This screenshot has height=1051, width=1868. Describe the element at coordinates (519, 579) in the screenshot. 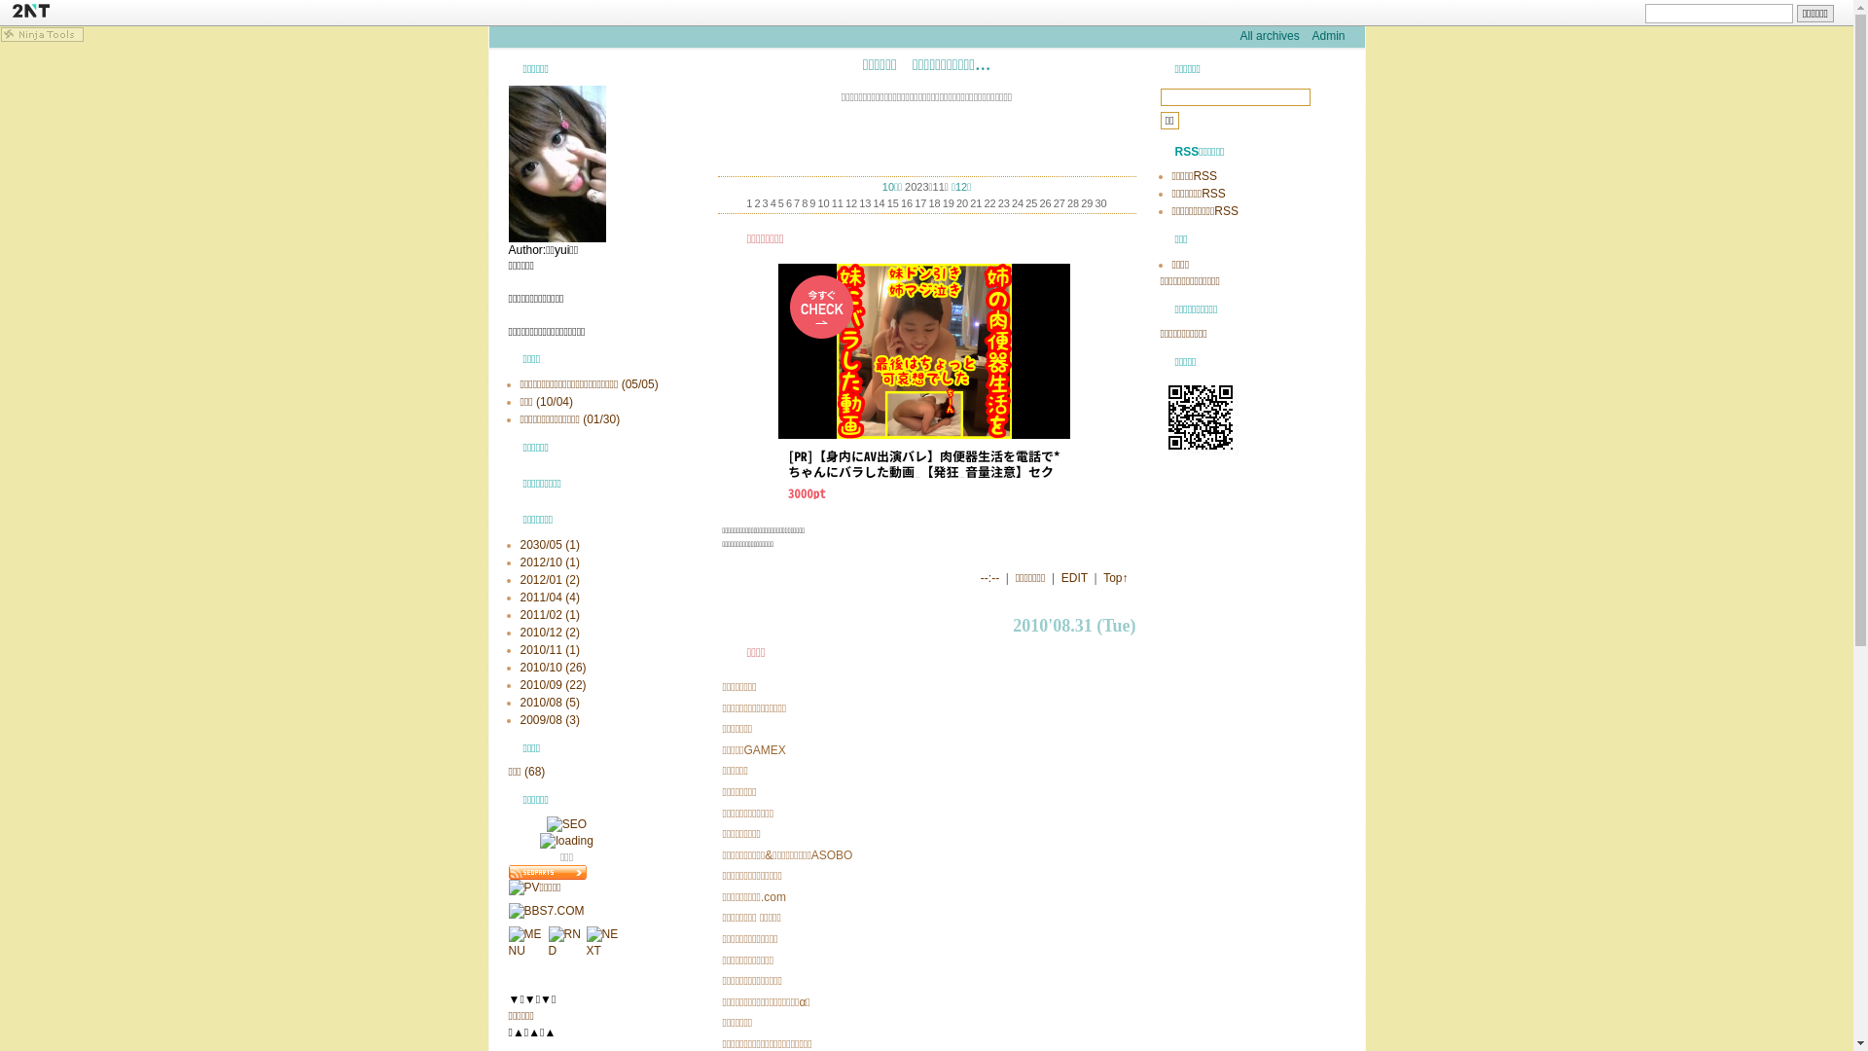

I see `'2012/01 (2)'` at that location.